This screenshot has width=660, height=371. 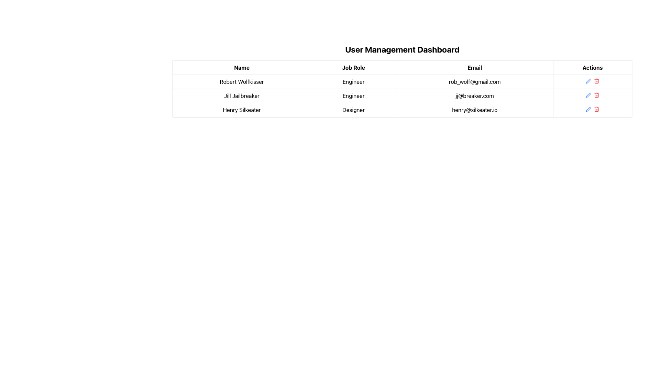 What do you see at coordinates (596, 95) in the screenshot?
I see `the trash can icon in the Actions column` at bounding box center [596, 95].